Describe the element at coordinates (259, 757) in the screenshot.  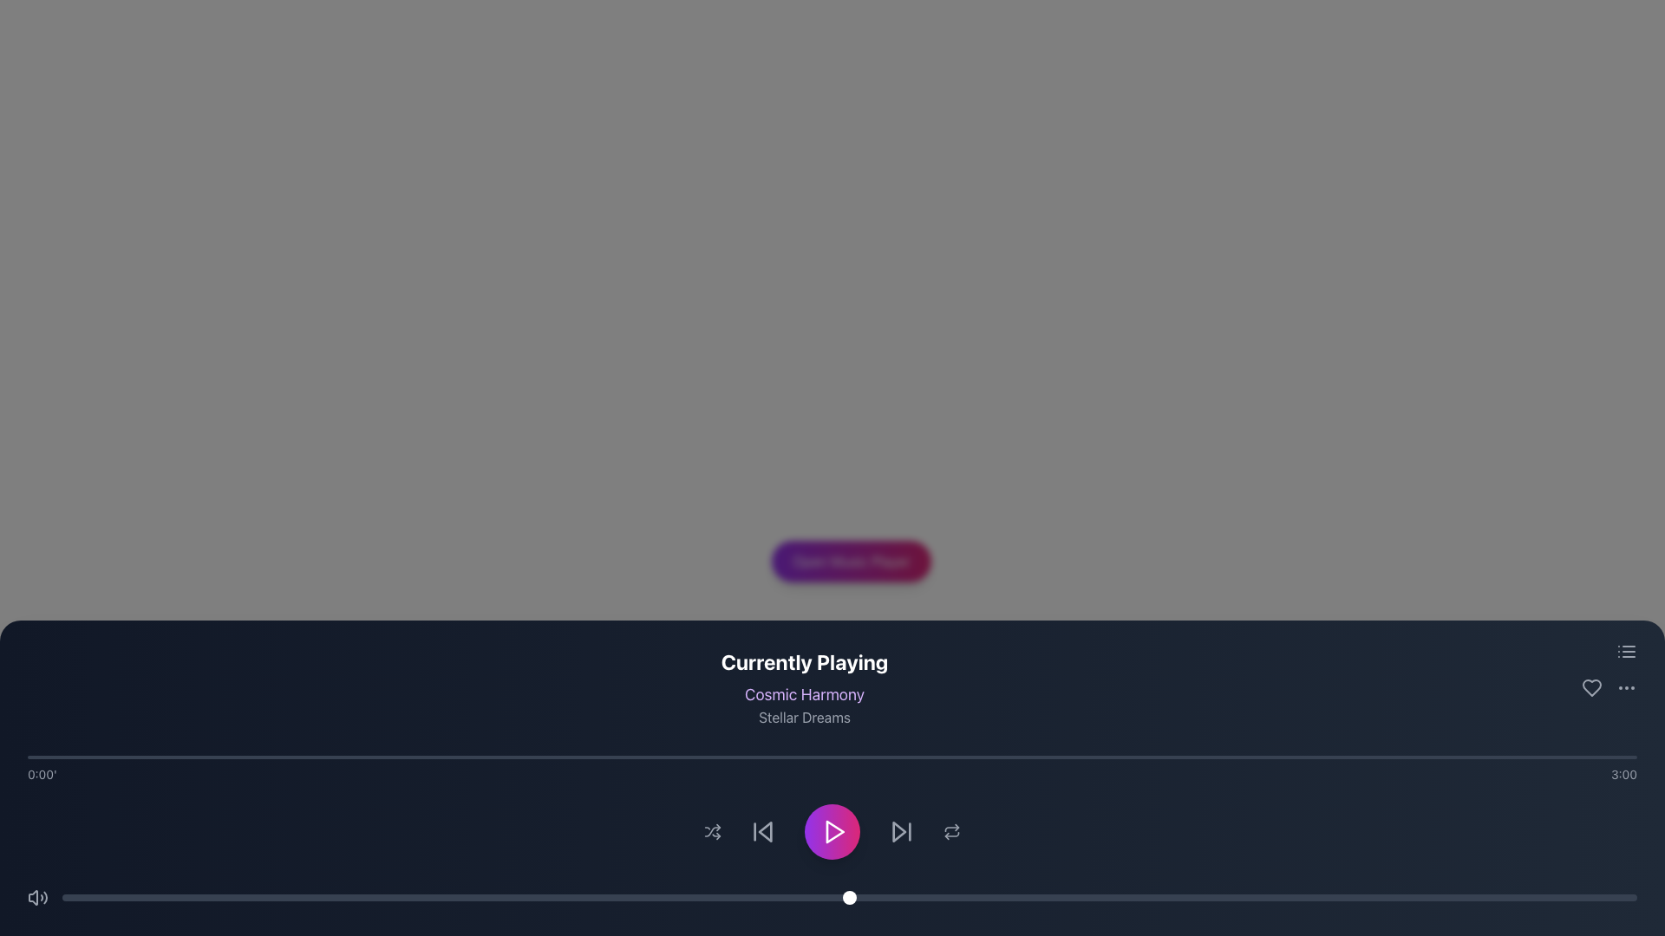
I see `playback position` at that location.